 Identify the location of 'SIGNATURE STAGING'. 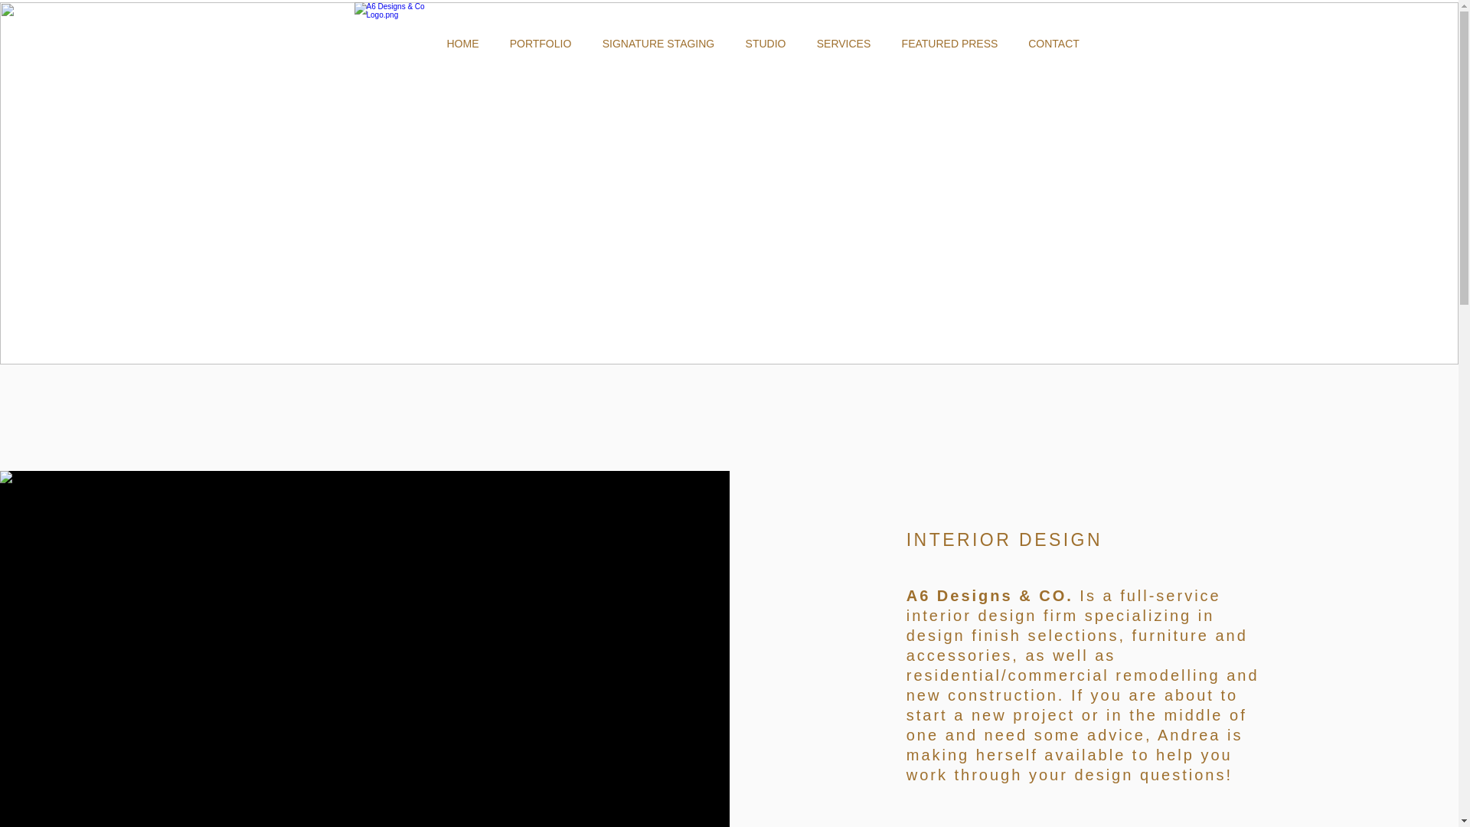
(658, 43).